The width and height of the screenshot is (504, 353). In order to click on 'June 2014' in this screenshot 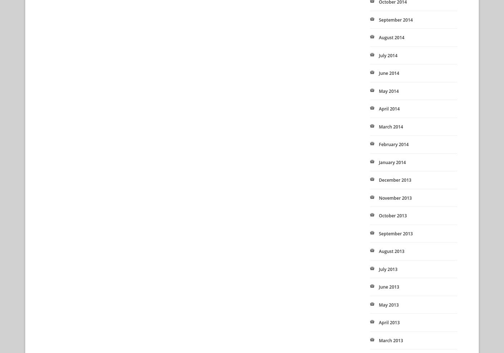, I will do `click(388, 73)`.